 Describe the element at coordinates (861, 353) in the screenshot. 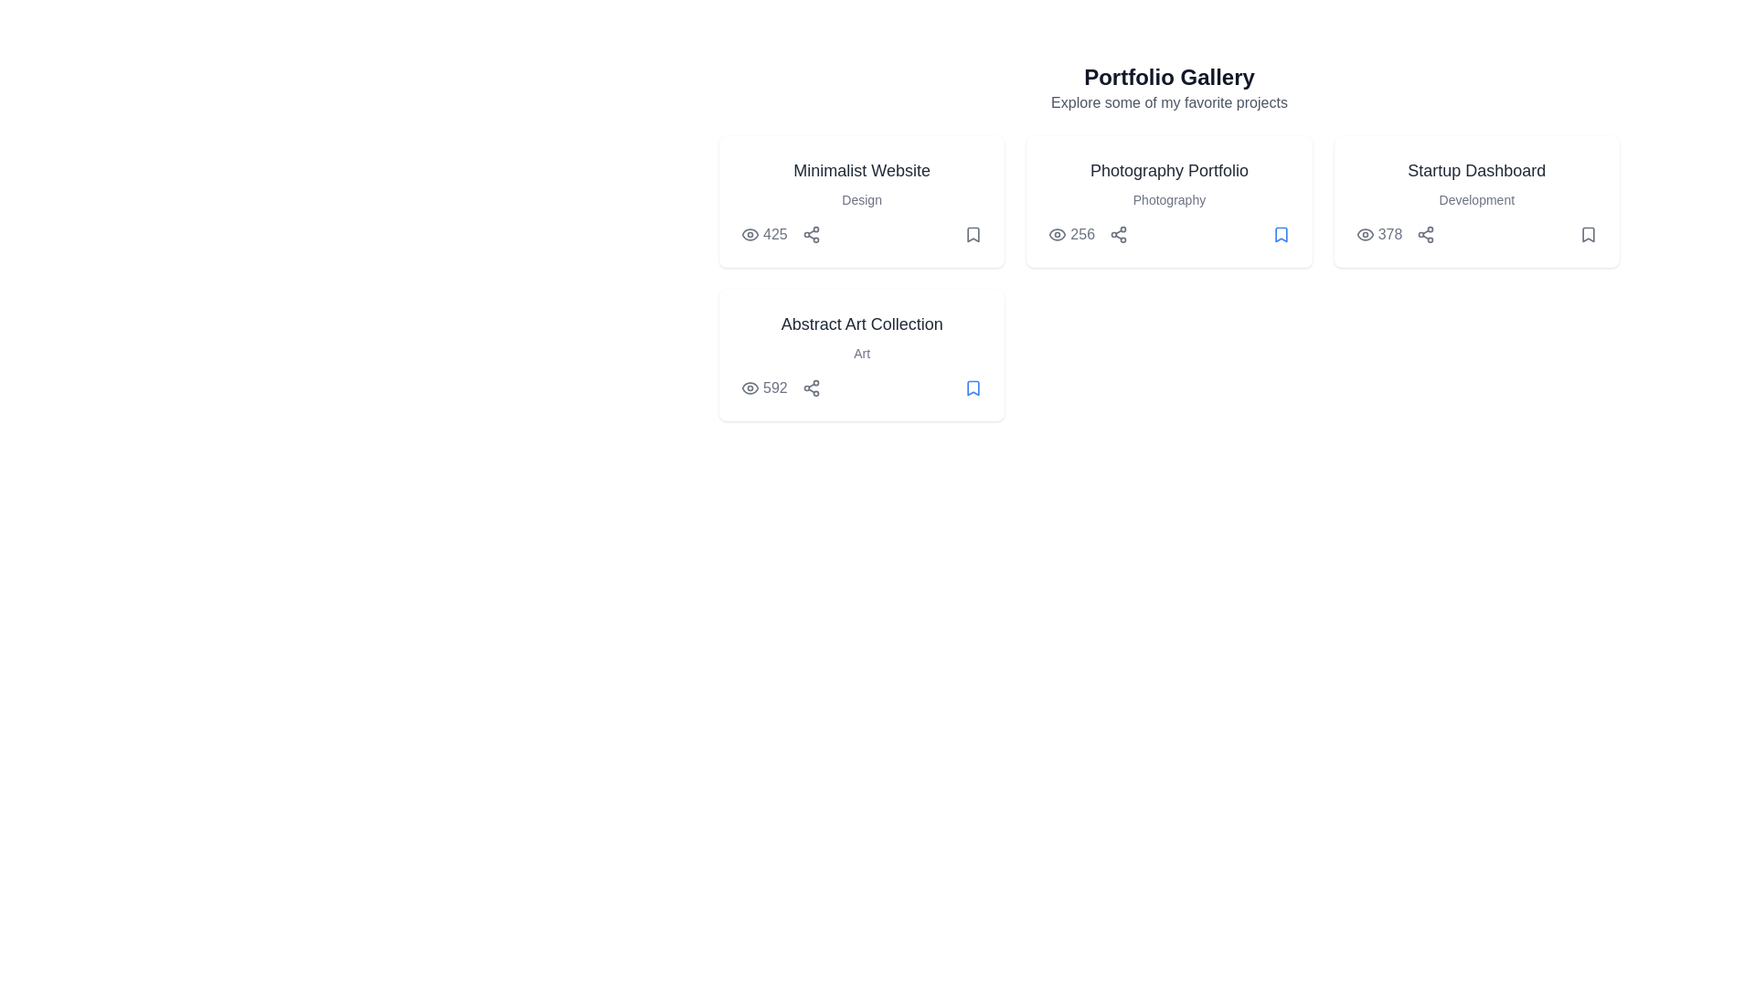

I see `the text label within the 'Abstract Art Collection' card, located below the main heading` at that location.